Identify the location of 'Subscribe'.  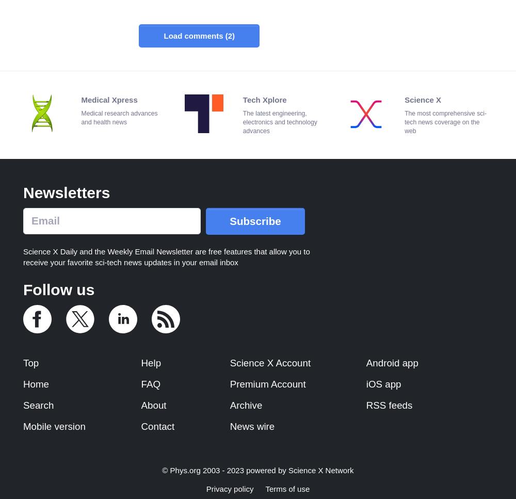
(229, 220).